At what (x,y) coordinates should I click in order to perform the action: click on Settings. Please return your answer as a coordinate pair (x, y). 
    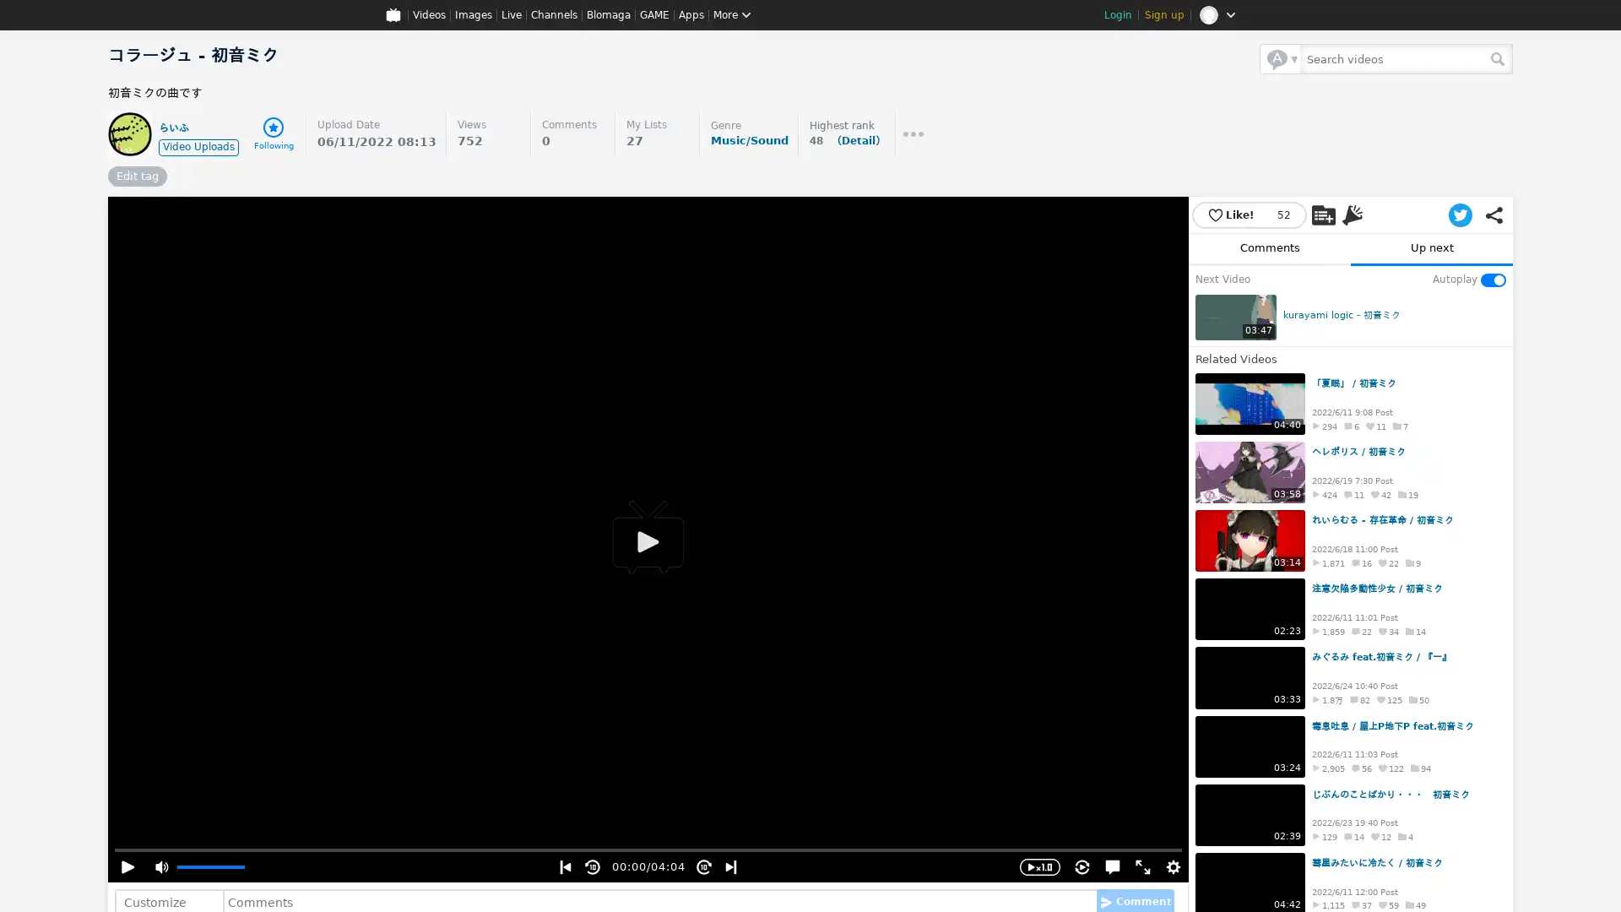
    Looking at the image, I should click on (1173, 866).